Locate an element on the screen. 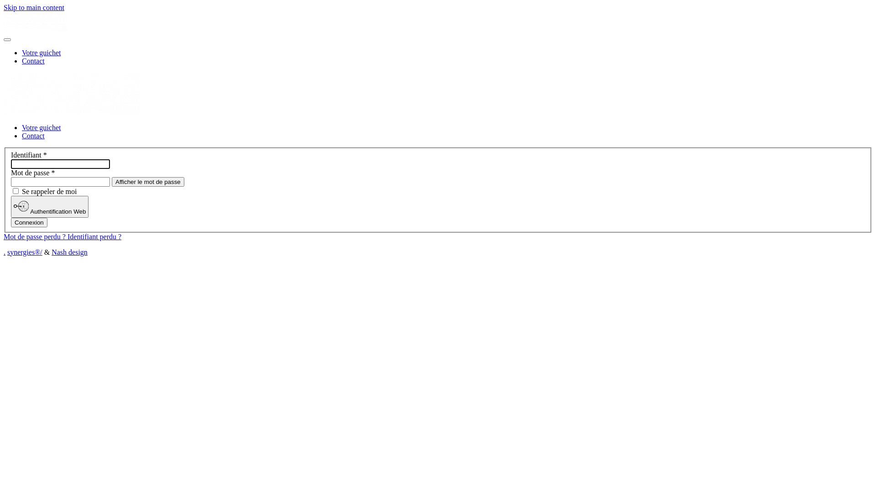  'Mot de passe perdu ?' is located at coordinates (35, 236).